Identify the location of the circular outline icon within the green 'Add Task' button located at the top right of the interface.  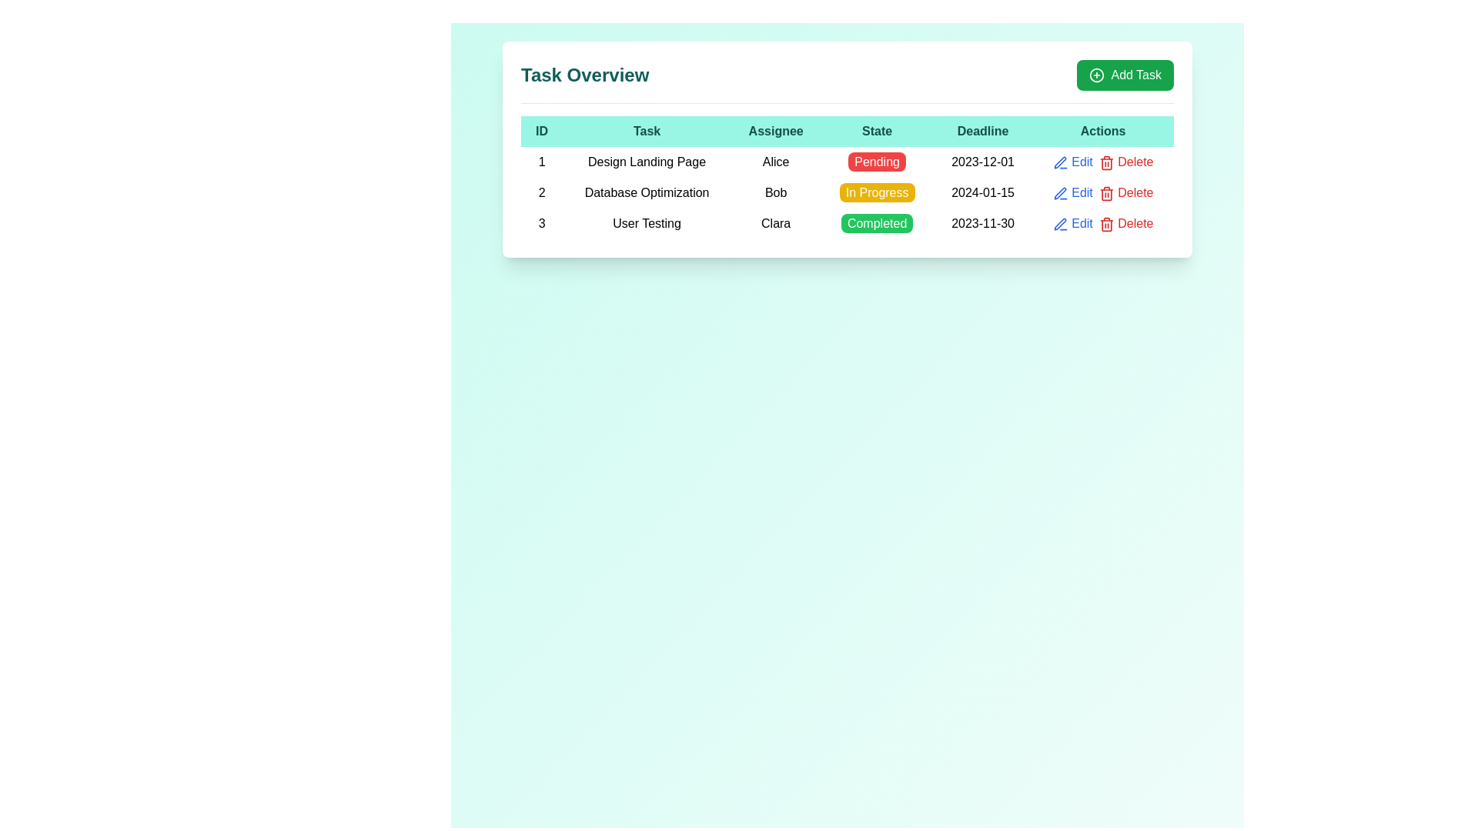
(1096, 75).